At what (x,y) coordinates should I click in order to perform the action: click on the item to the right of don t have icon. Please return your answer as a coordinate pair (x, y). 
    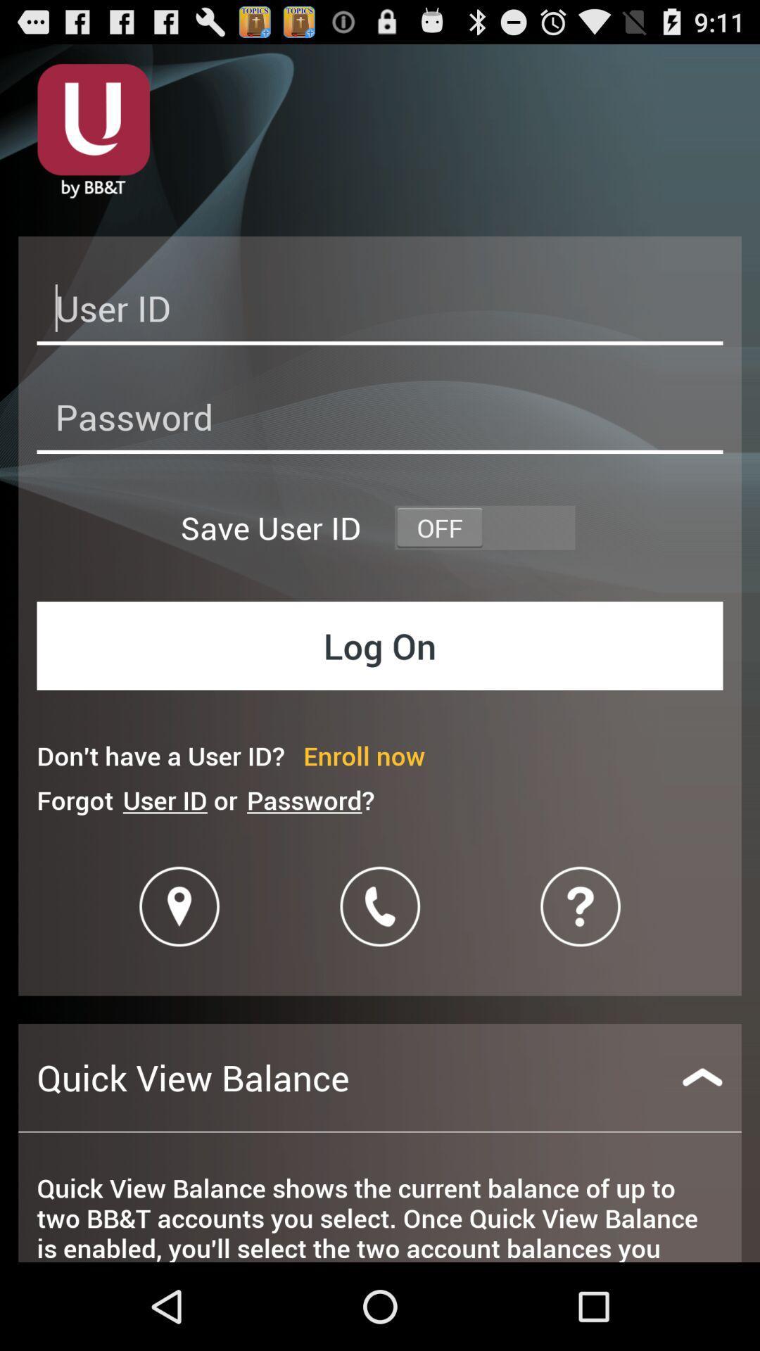
    Looking at the image, I should click on (363, 755).